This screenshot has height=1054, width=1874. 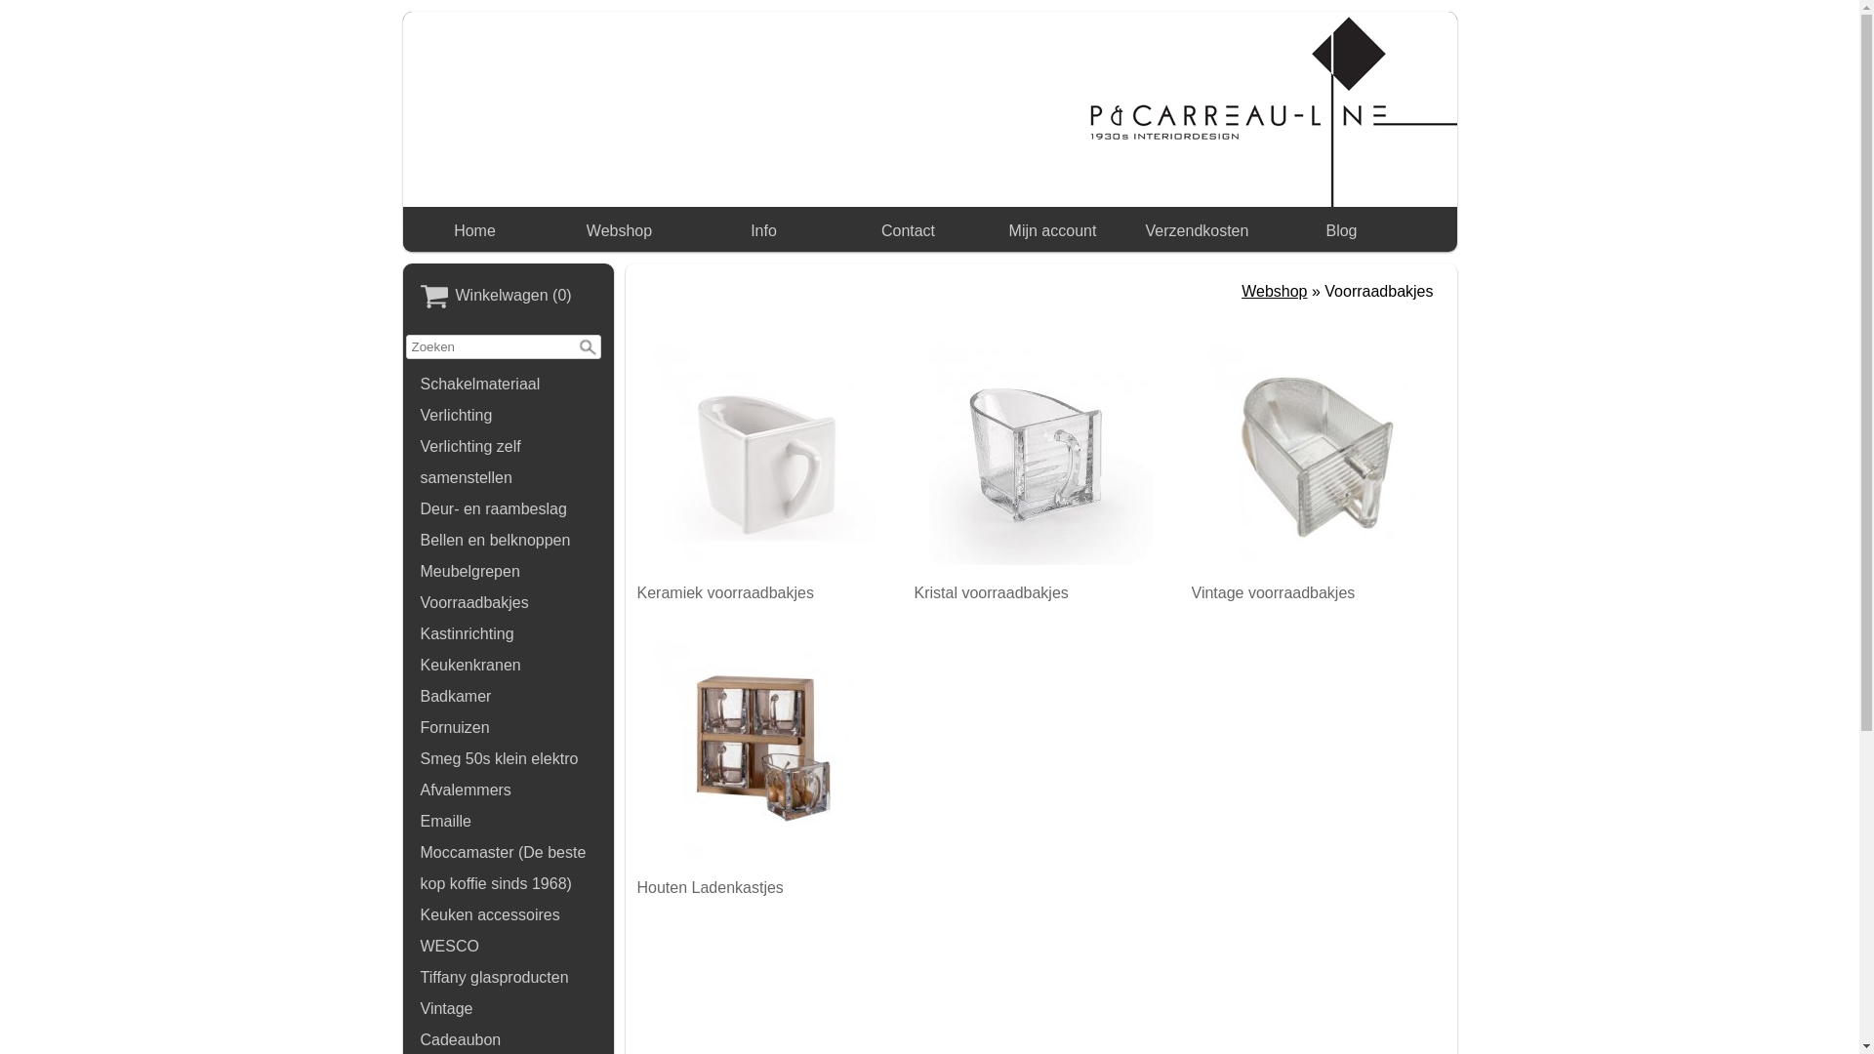 I want to click on 'Deur- en raambeslag', so click(x=405, y=507).